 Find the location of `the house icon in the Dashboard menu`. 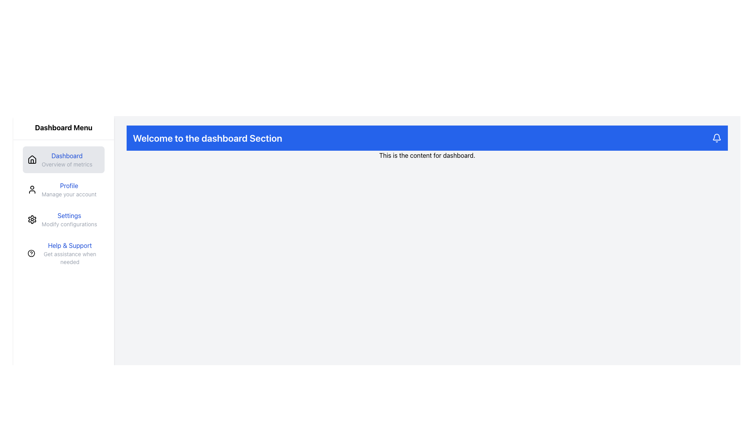

the house icon in the Dashboard menu is located at coordinates (31, 159).